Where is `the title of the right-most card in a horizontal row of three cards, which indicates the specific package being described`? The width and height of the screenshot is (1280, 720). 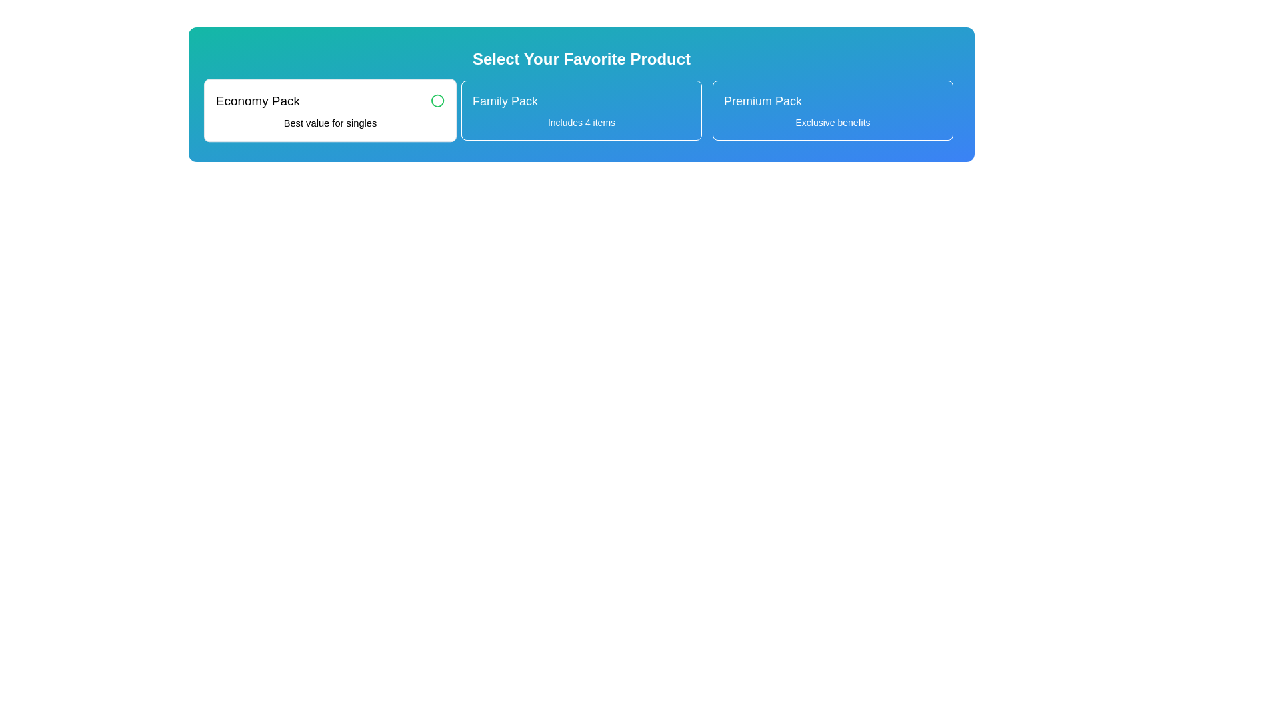
the title of the right-most card in a horizontal row of three cards, which indicates the specific package being described is located at coordinates (763, 100).